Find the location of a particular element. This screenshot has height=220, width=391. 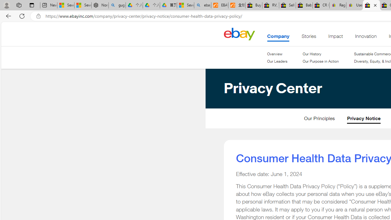

'Register: Create a personal eBay account' is located at coordinates (337, 5).